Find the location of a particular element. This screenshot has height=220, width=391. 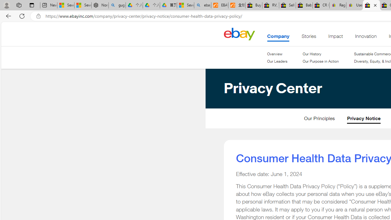

'Register: Create a personal eBay account' is located at coordinates (337, 5).